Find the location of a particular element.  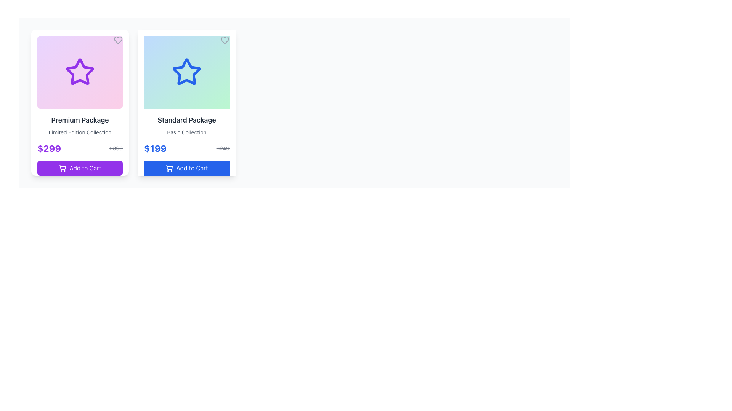

the text label indicating the original price of the Premium Package, which is positioned to the right of the '$299' price element is located at coordinates (116, 148).